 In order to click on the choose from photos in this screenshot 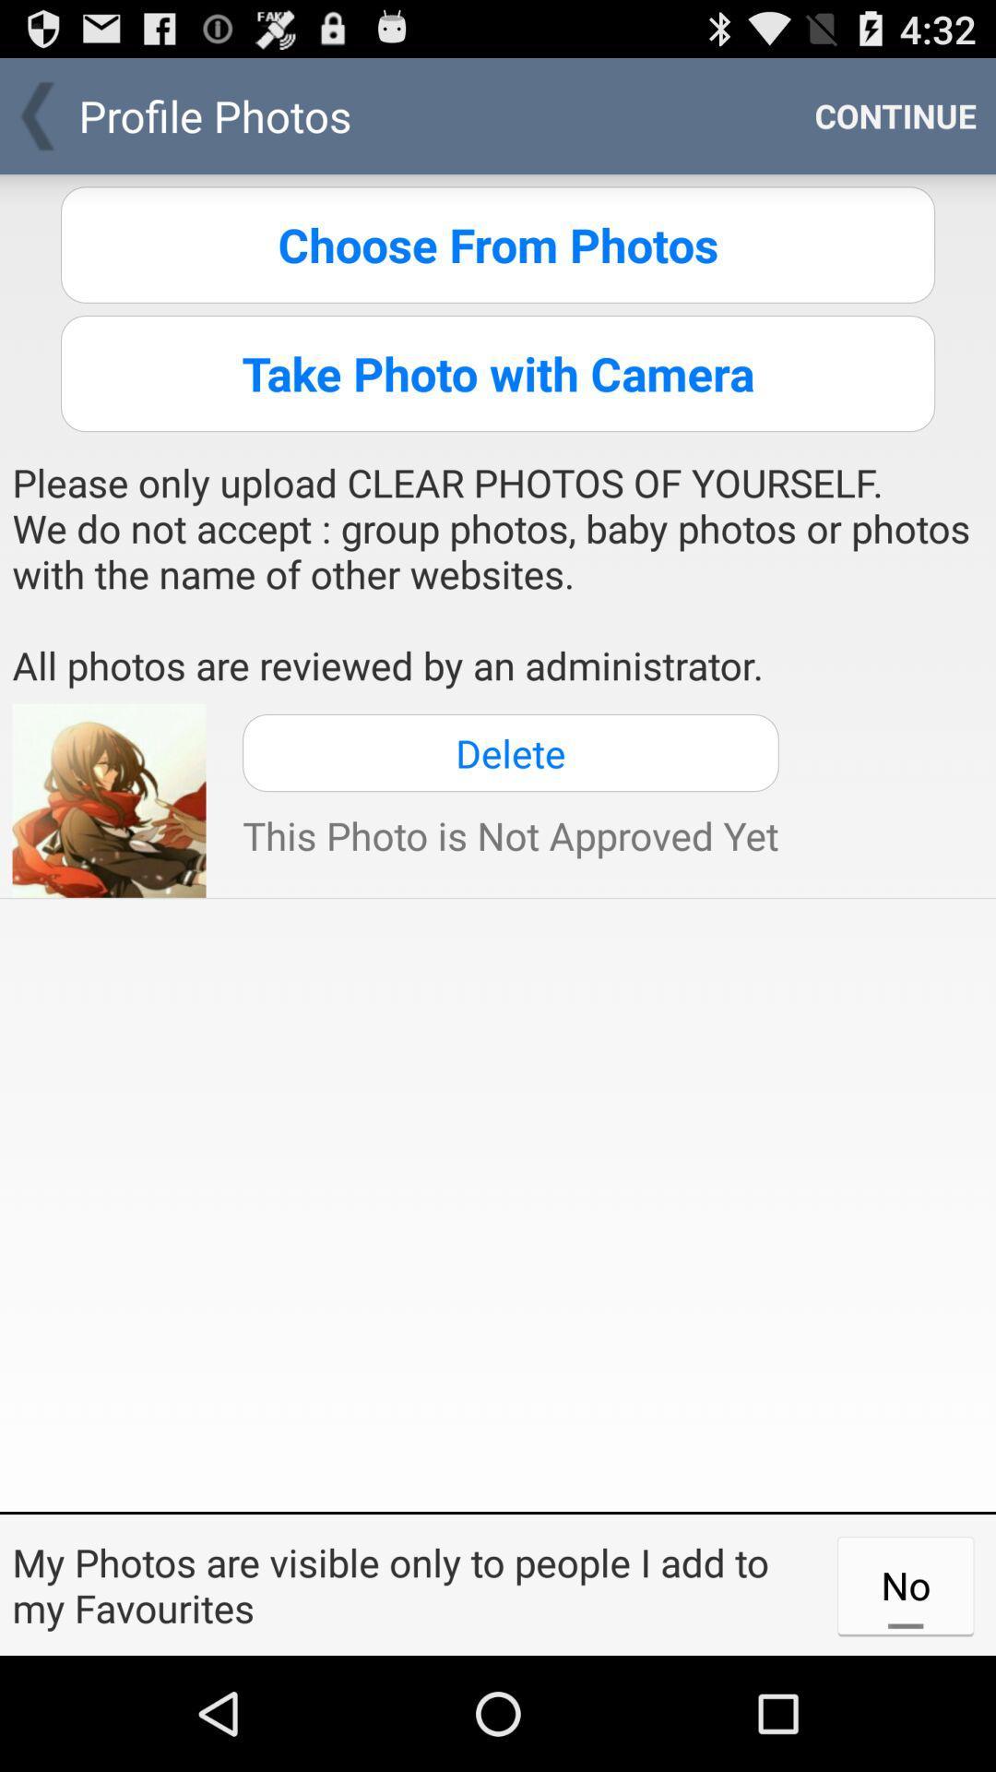, I will do `click(498, 244)`.